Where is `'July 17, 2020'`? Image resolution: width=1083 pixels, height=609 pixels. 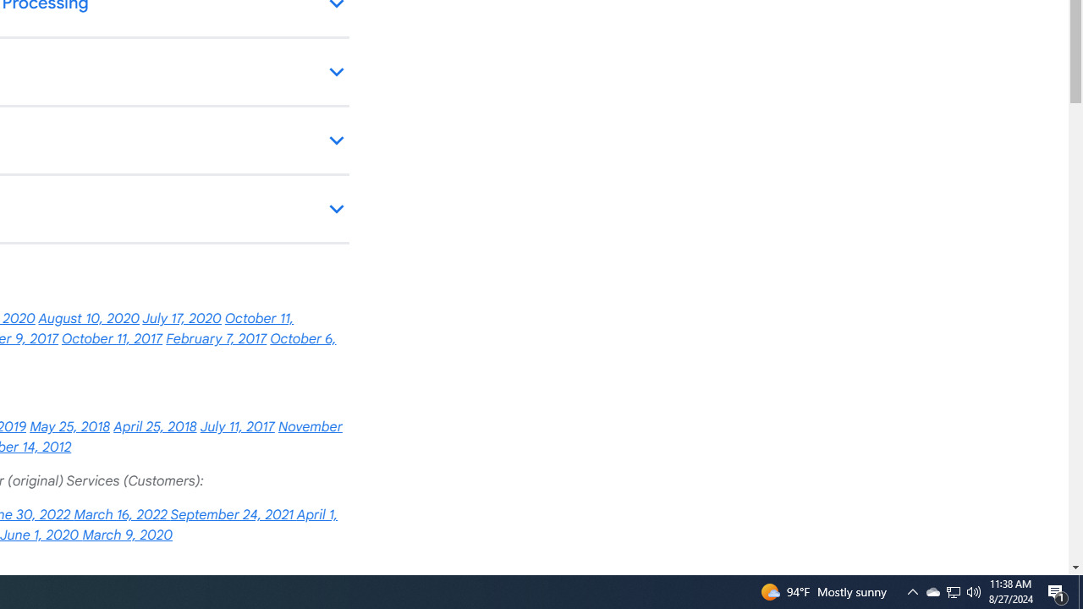
'July 17, 2020' is located at coordinates (182, 319).